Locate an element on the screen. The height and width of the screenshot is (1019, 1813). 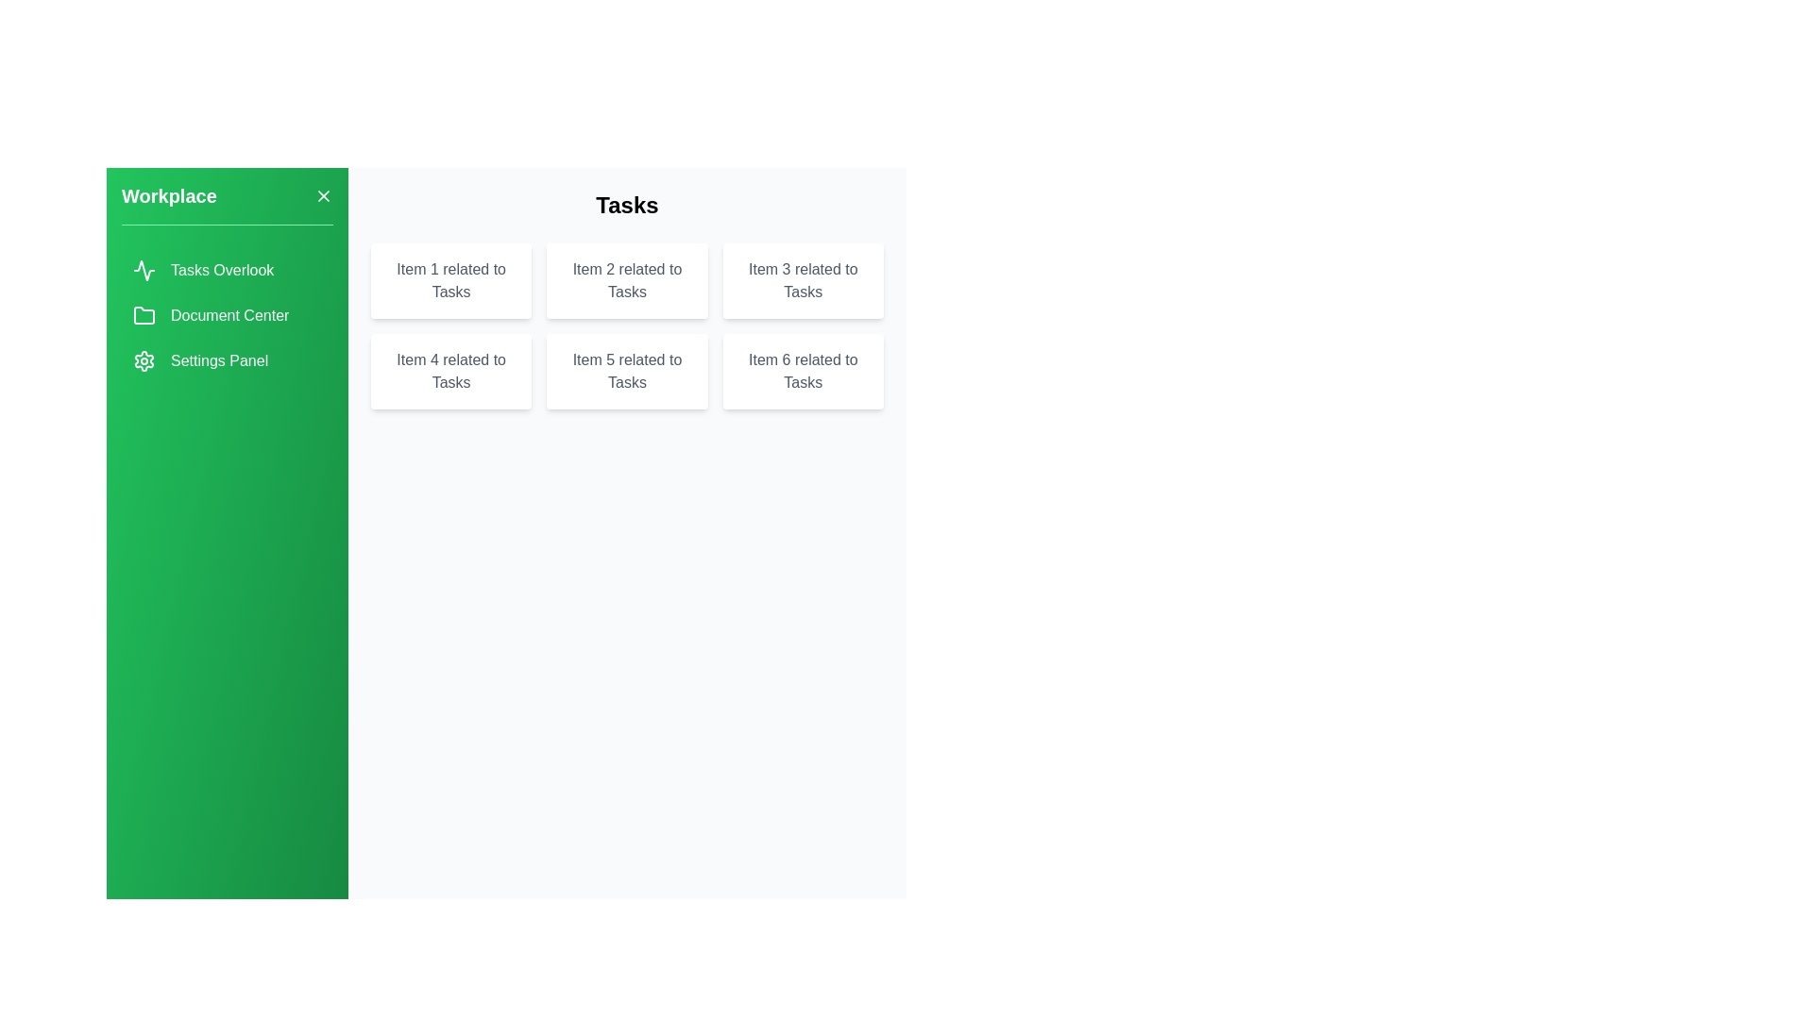
the Settings Panel section from the drawer menu is located at coordinates (227, 360).